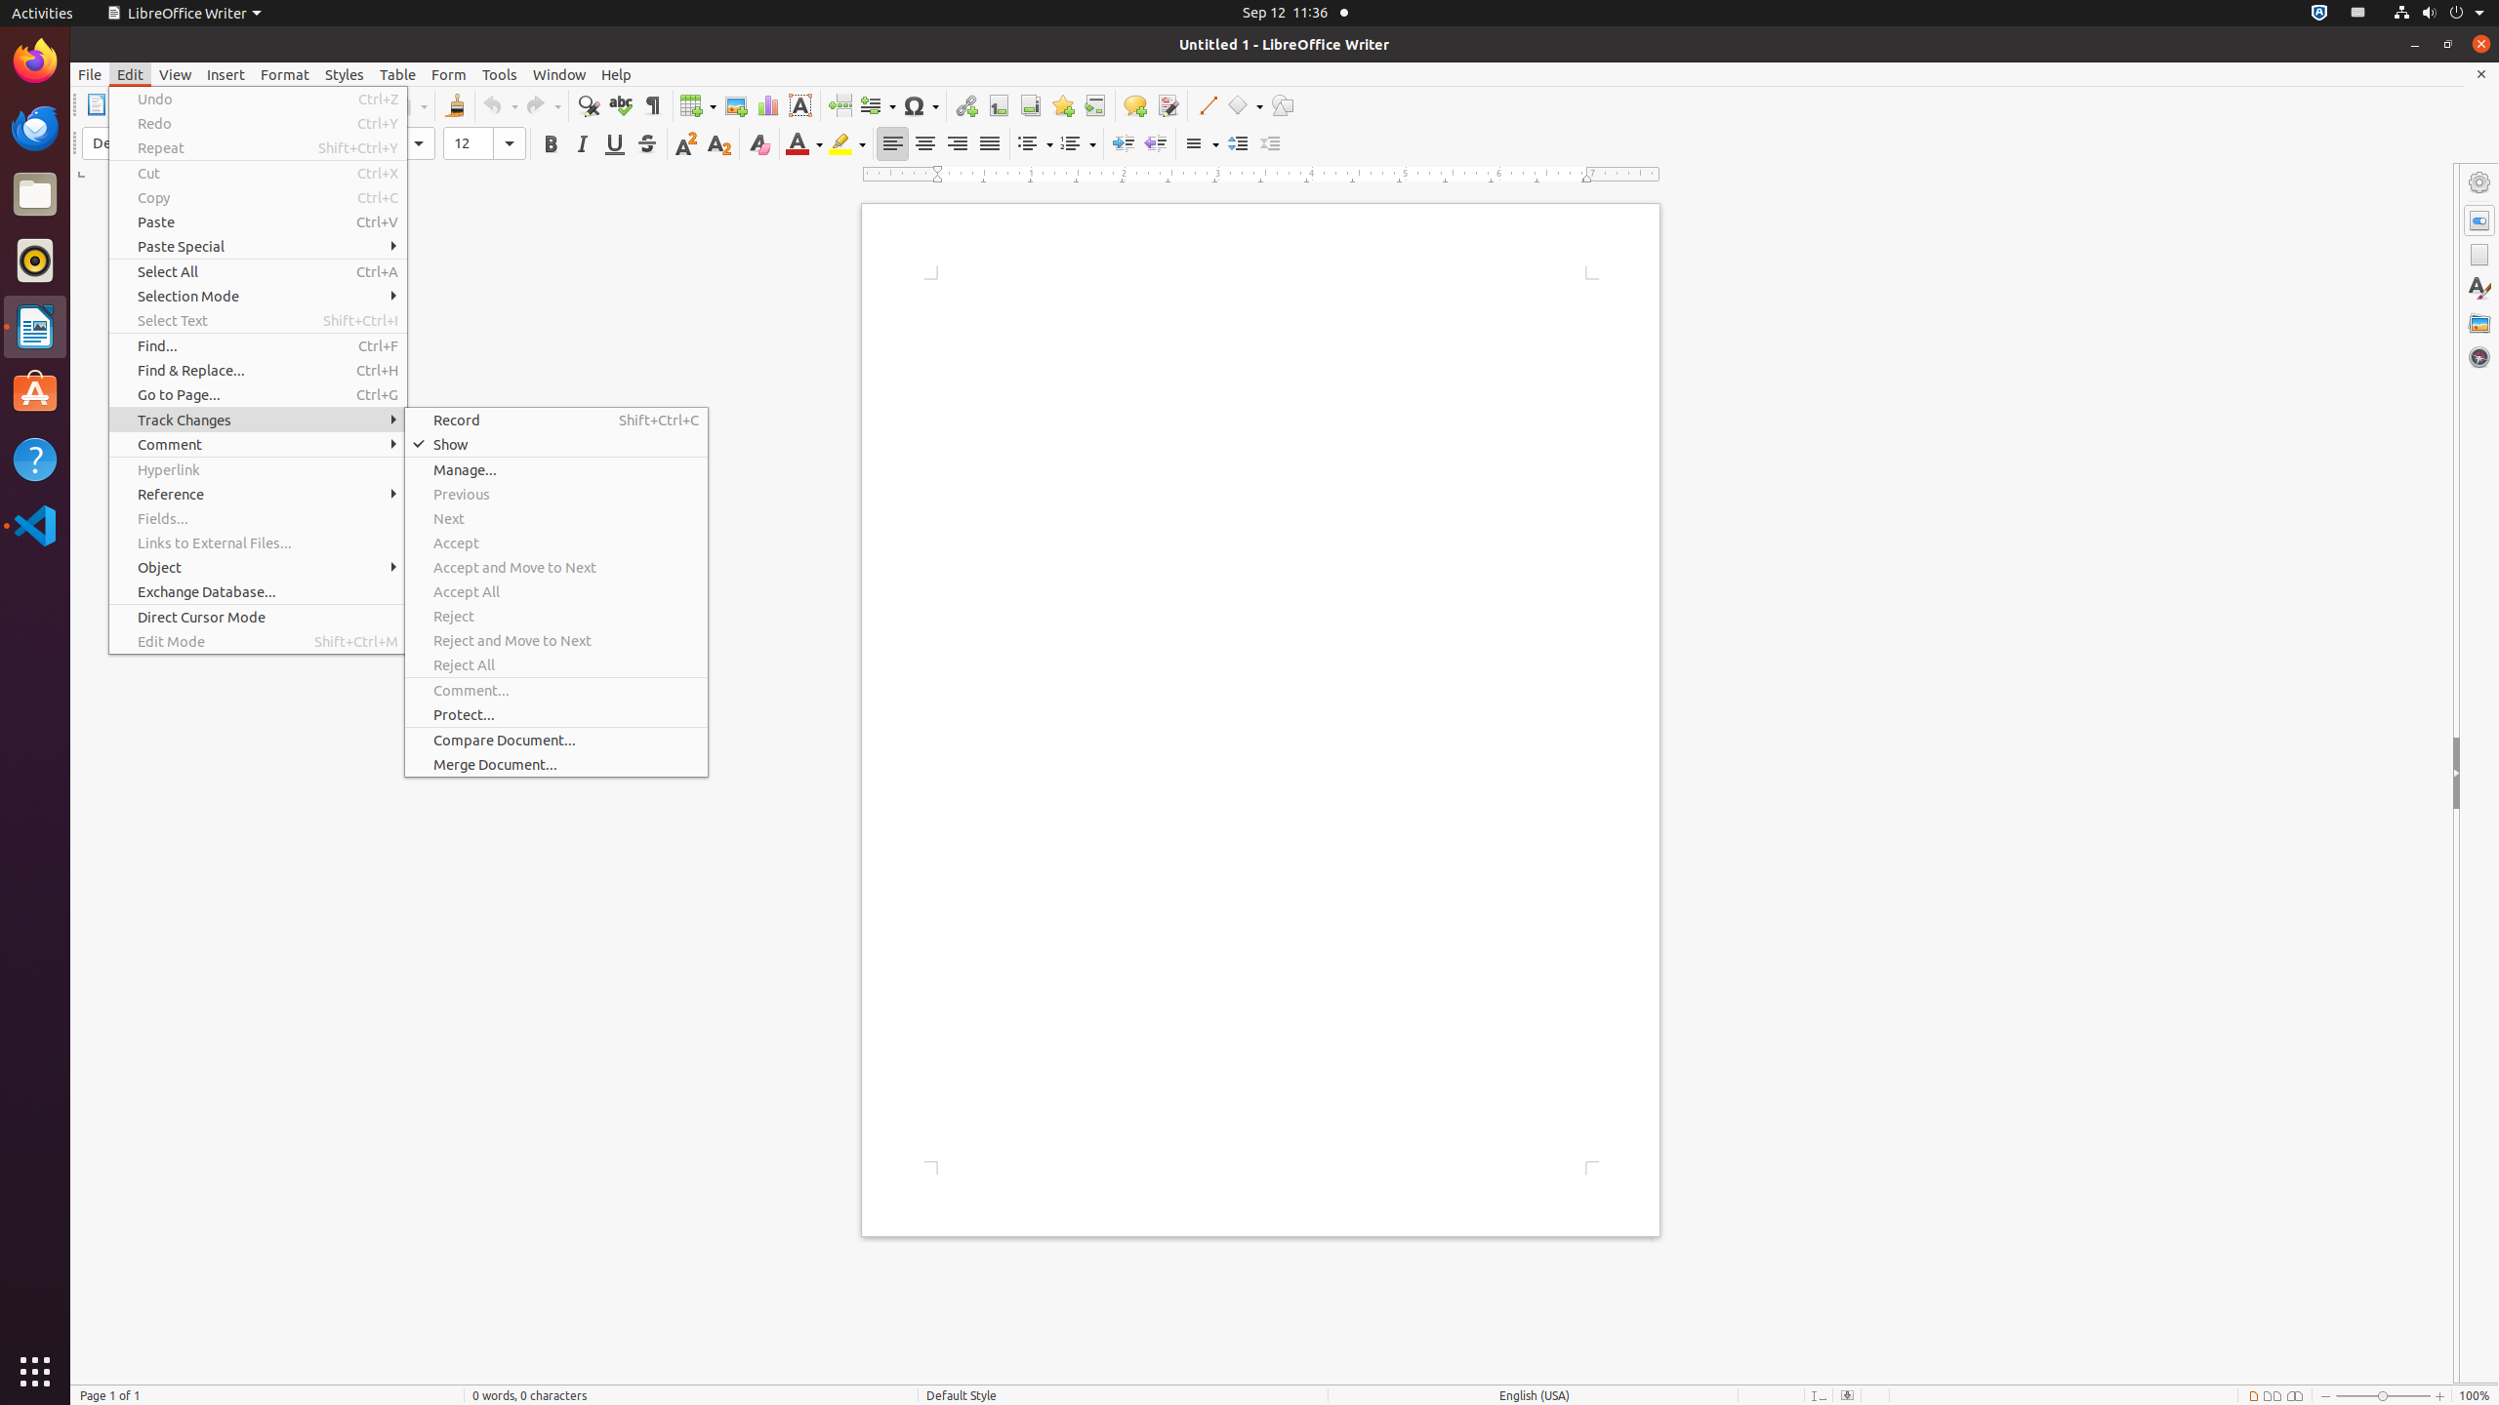 The height and width of the screenshot is (1405, 2499). I want to click on 'Highlight Color', so click(847, 142).